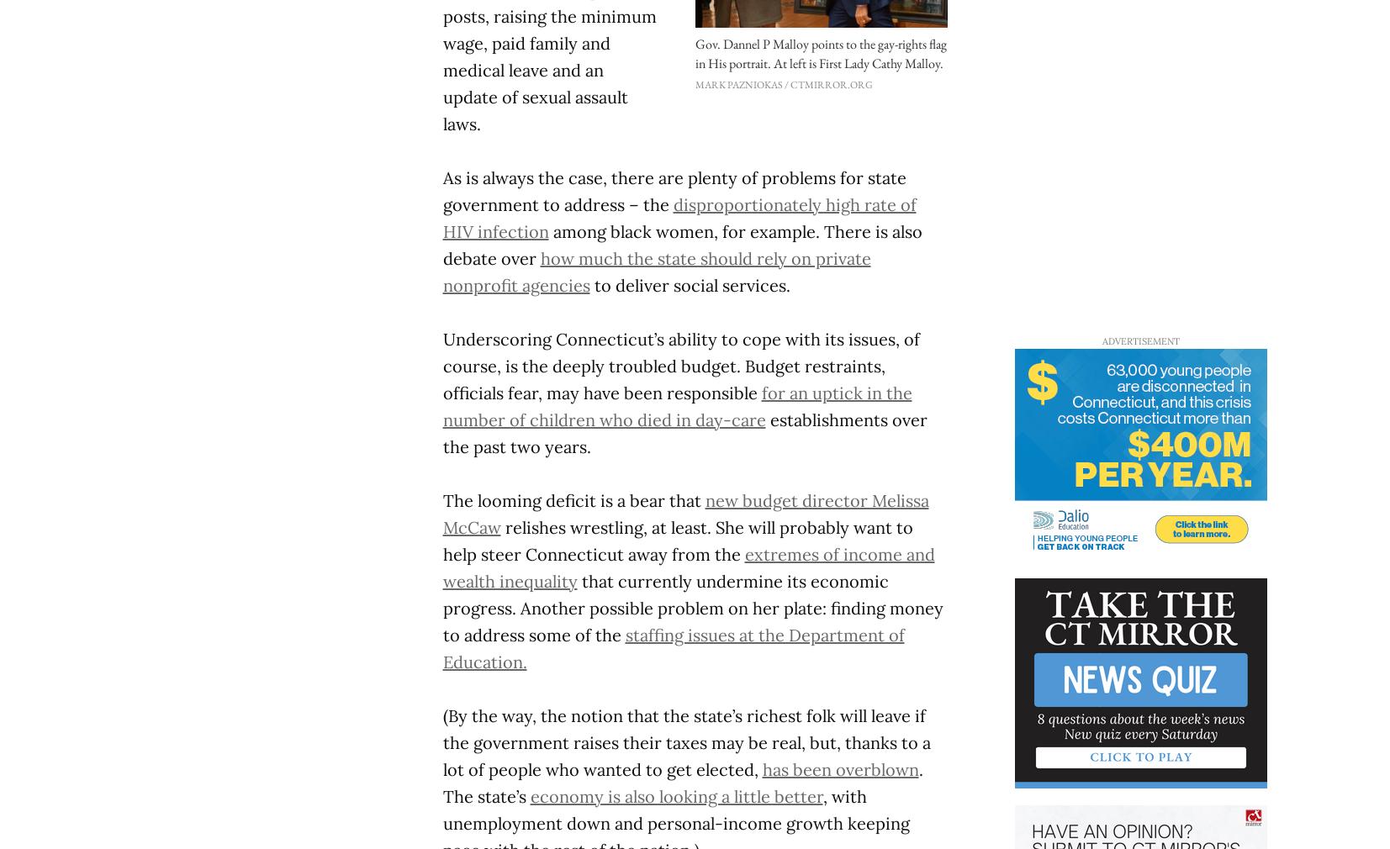 The width and height of the screenshot is (1390, 849). What do you see at coordinates (678, 217) in the screenshot?
I see `'disproportionately high rate of HIV infection'` at bounding box center [678, 217].